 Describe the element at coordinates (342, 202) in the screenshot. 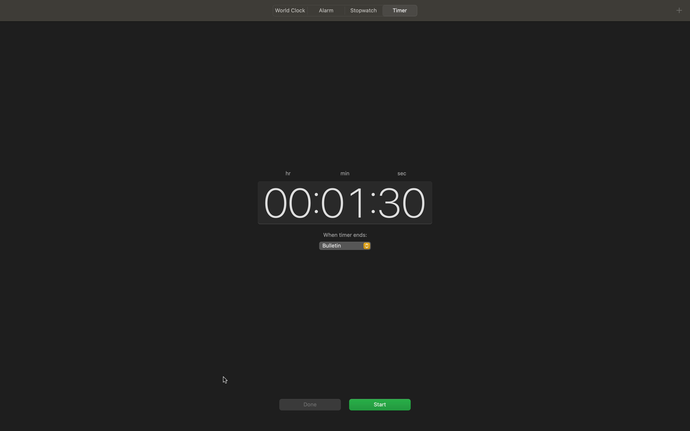

I see `Use automation to enter 41 in the minutes section` at that location.